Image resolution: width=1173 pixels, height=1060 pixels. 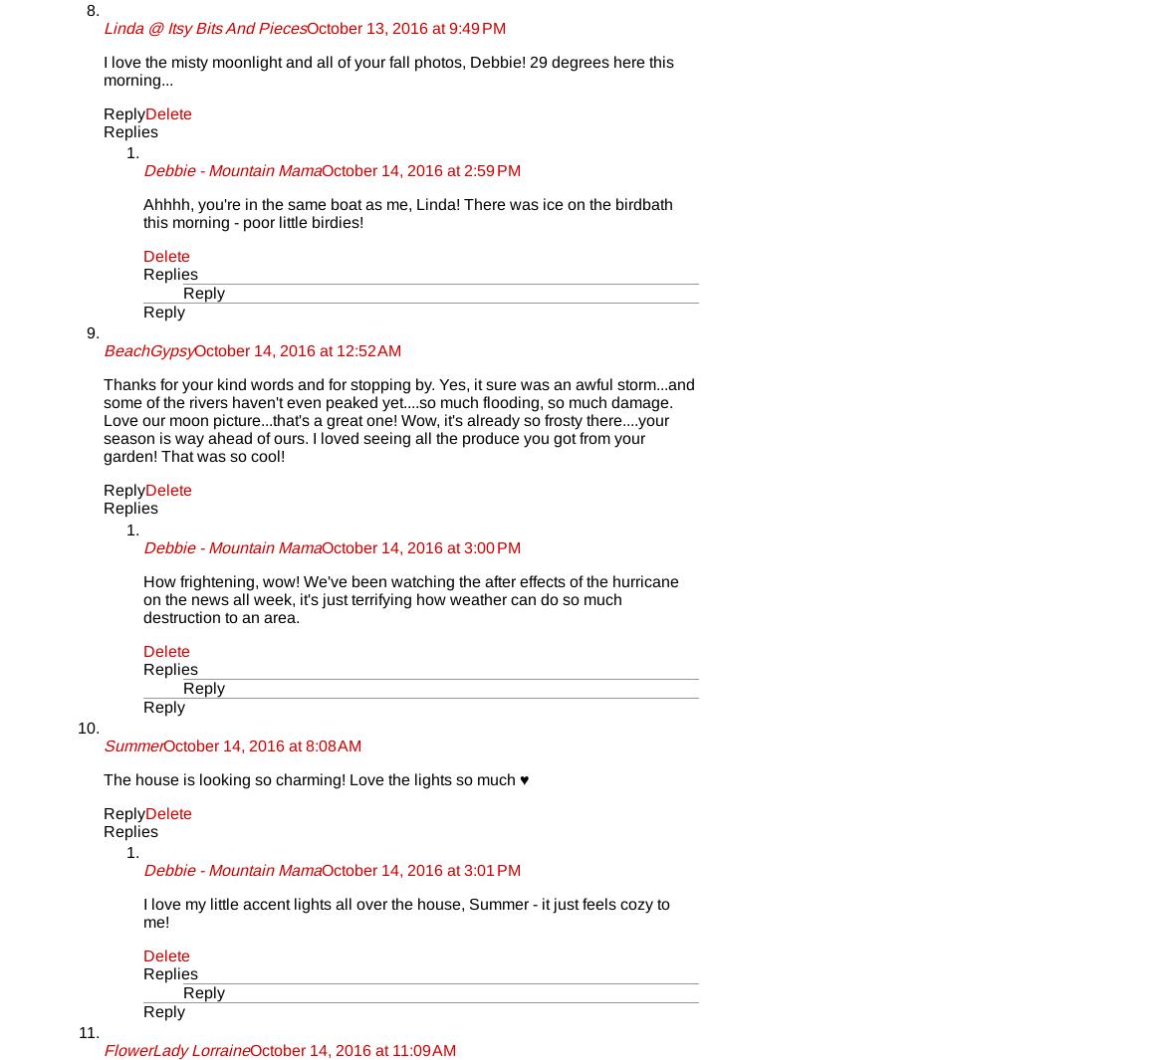 I want to click on 'October 14, 2016 at 11:09 AM', so click(x=352, y=1050).